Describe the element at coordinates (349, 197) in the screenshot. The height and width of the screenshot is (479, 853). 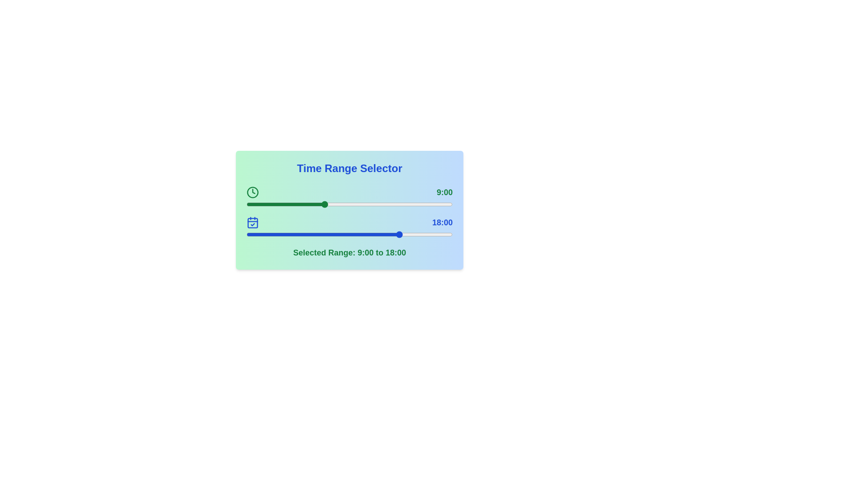
I see `the horizontal slider with a thick green thumb positioned at '9:00'` at that location.